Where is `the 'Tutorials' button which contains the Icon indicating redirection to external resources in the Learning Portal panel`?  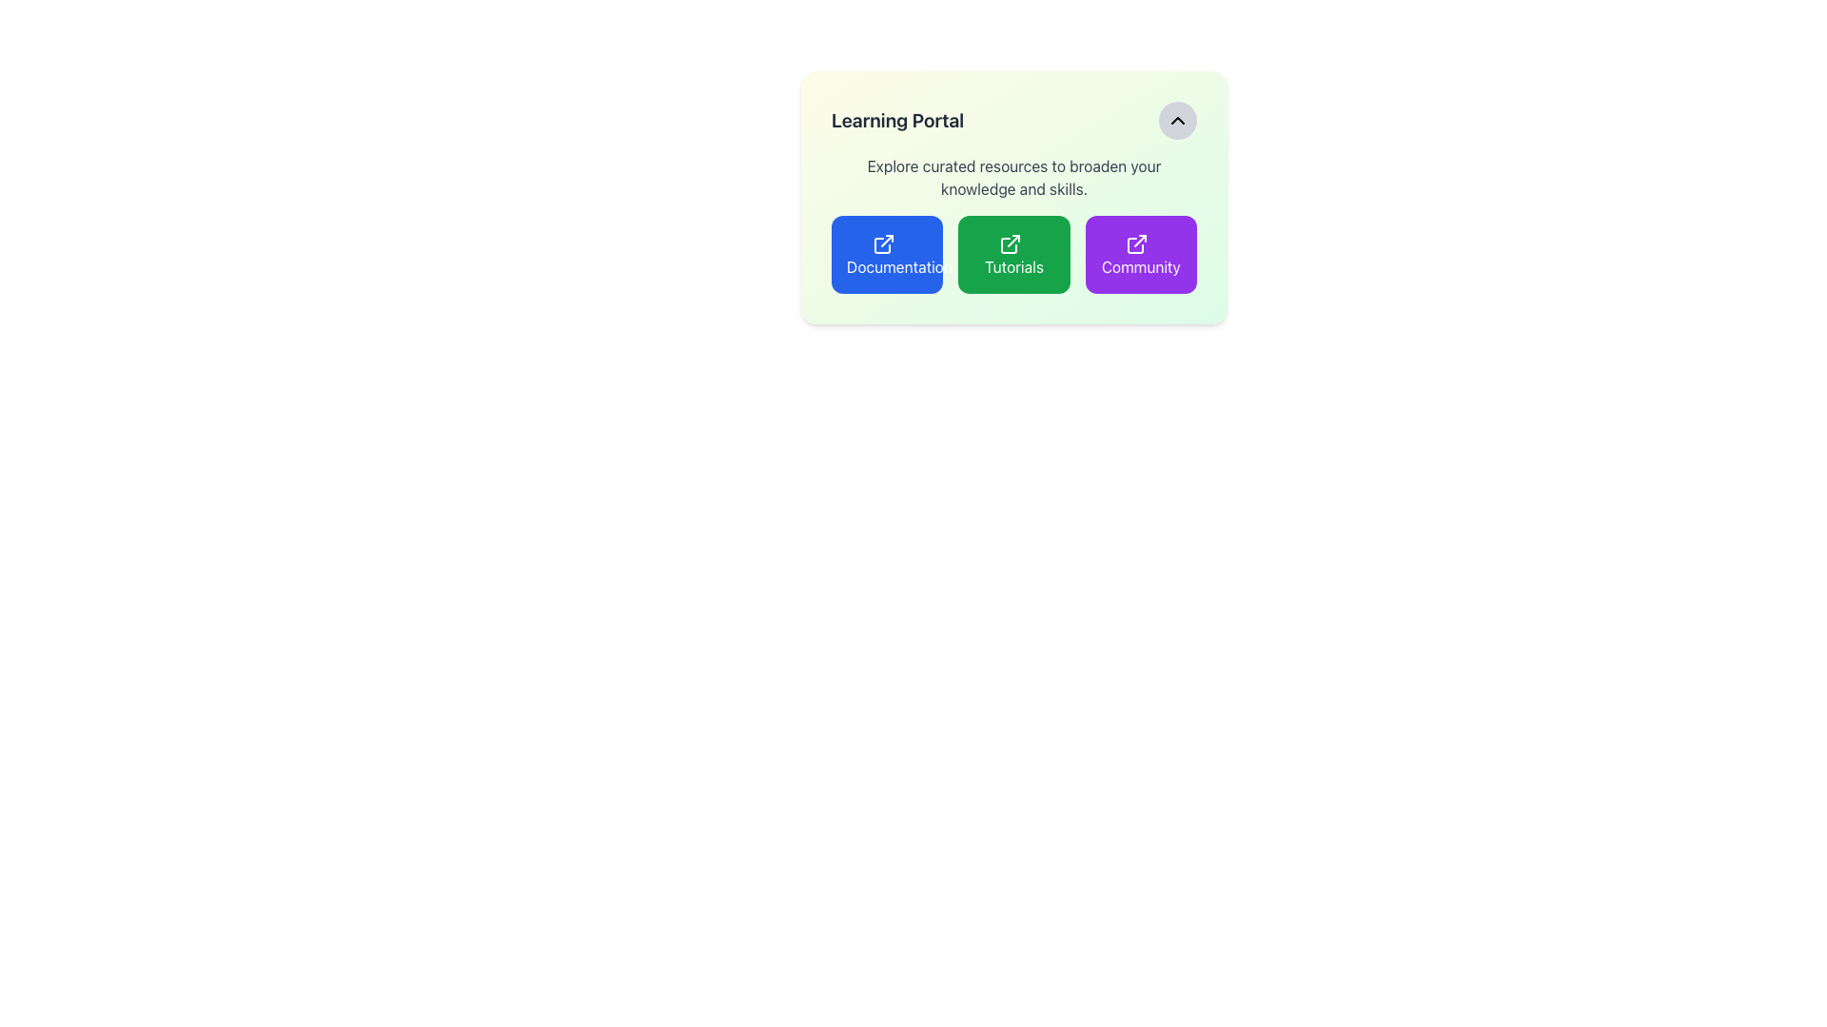 the 'Tutorials' button which contains the Icon indicating redirection to external resources in the Learning Portal panel is located at coordinates (1012, 240).